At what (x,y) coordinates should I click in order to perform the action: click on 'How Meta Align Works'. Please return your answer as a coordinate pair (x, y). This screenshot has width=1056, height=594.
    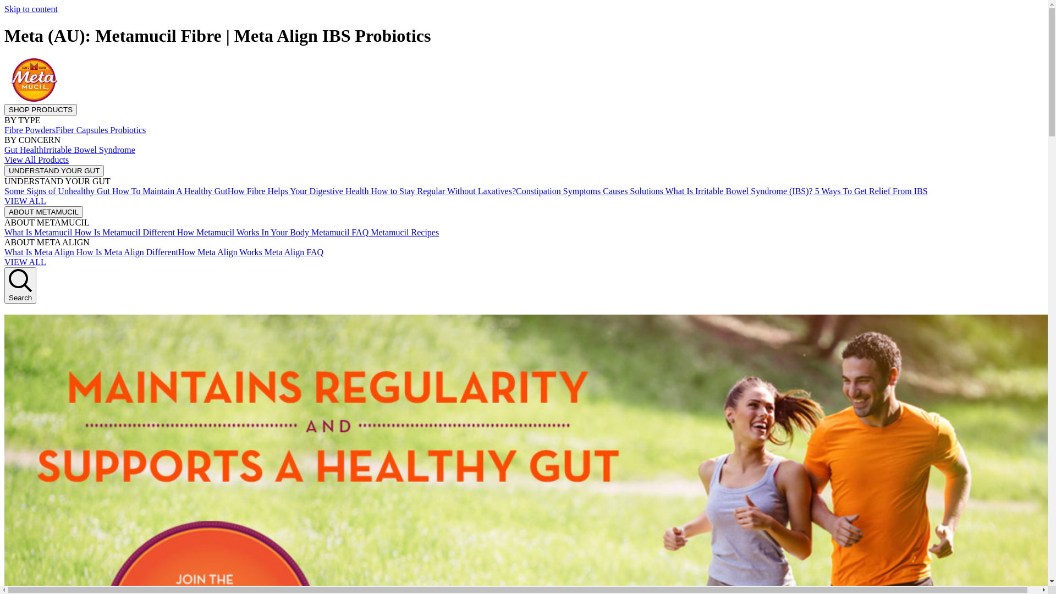
    Looking at the image, I should click on (220, 252).